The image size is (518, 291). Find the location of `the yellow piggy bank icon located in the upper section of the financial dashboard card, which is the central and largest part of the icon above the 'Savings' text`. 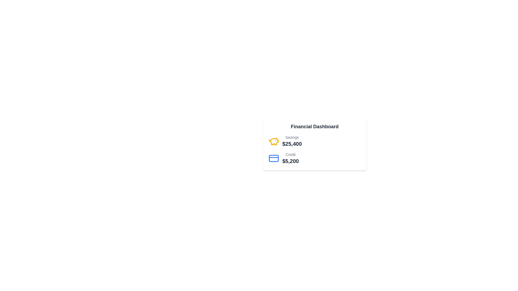

the yellow piggy bank icon located in the upper section of the financial dashboard card, which is the central and largest part of the icon above the 'Savings' text is located at coordinates (274, 141).